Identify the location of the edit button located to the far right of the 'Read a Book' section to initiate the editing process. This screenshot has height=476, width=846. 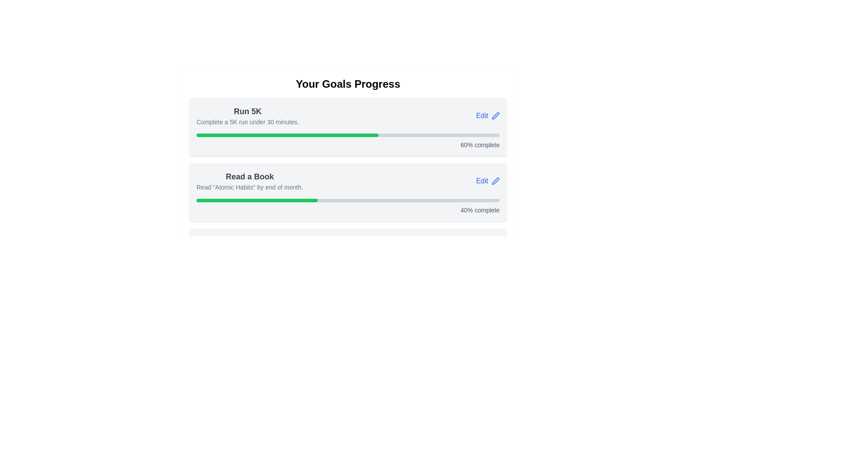
(487, 181).